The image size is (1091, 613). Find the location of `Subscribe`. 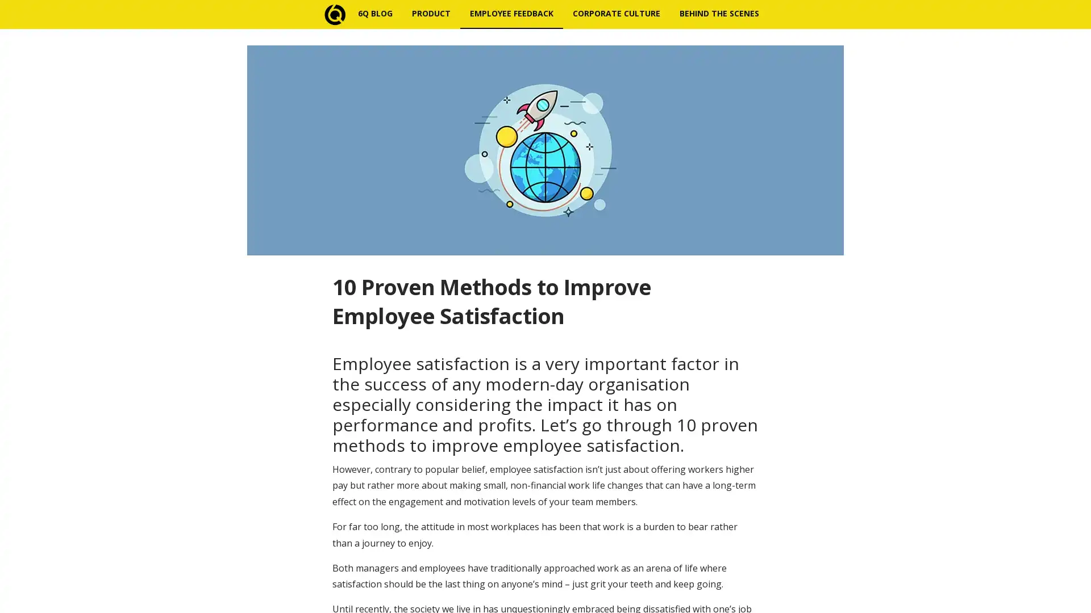

Subscribe is located at coordinates (671, 597).